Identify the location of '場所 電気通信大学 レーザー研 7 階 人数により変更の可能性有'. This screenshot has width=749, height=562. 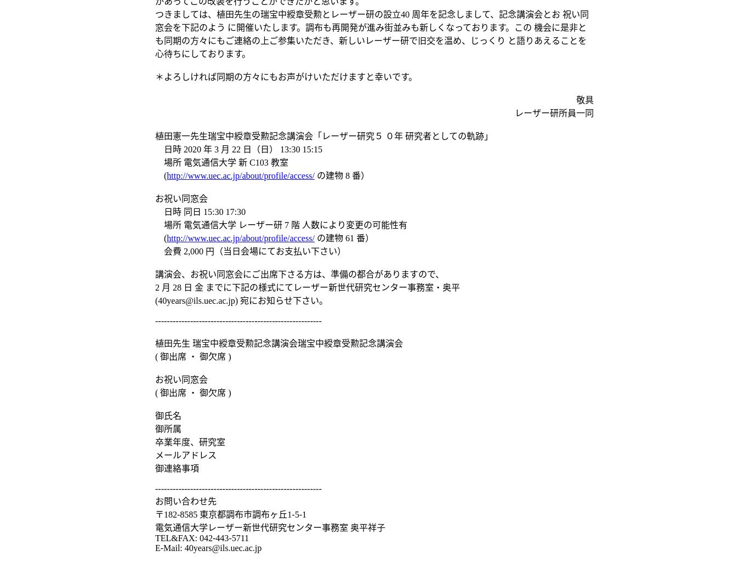
(281, 225).